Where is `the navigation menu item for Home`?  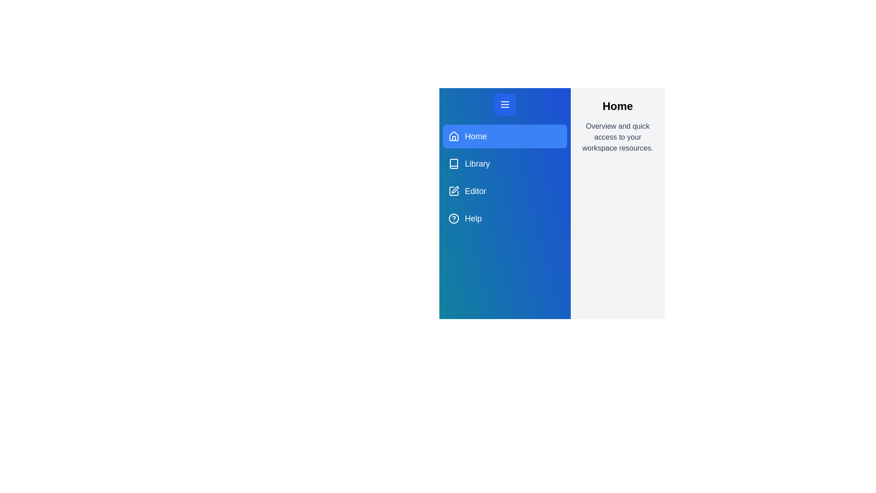 the navigation menu item for Home is located at coordinates (505, 136).